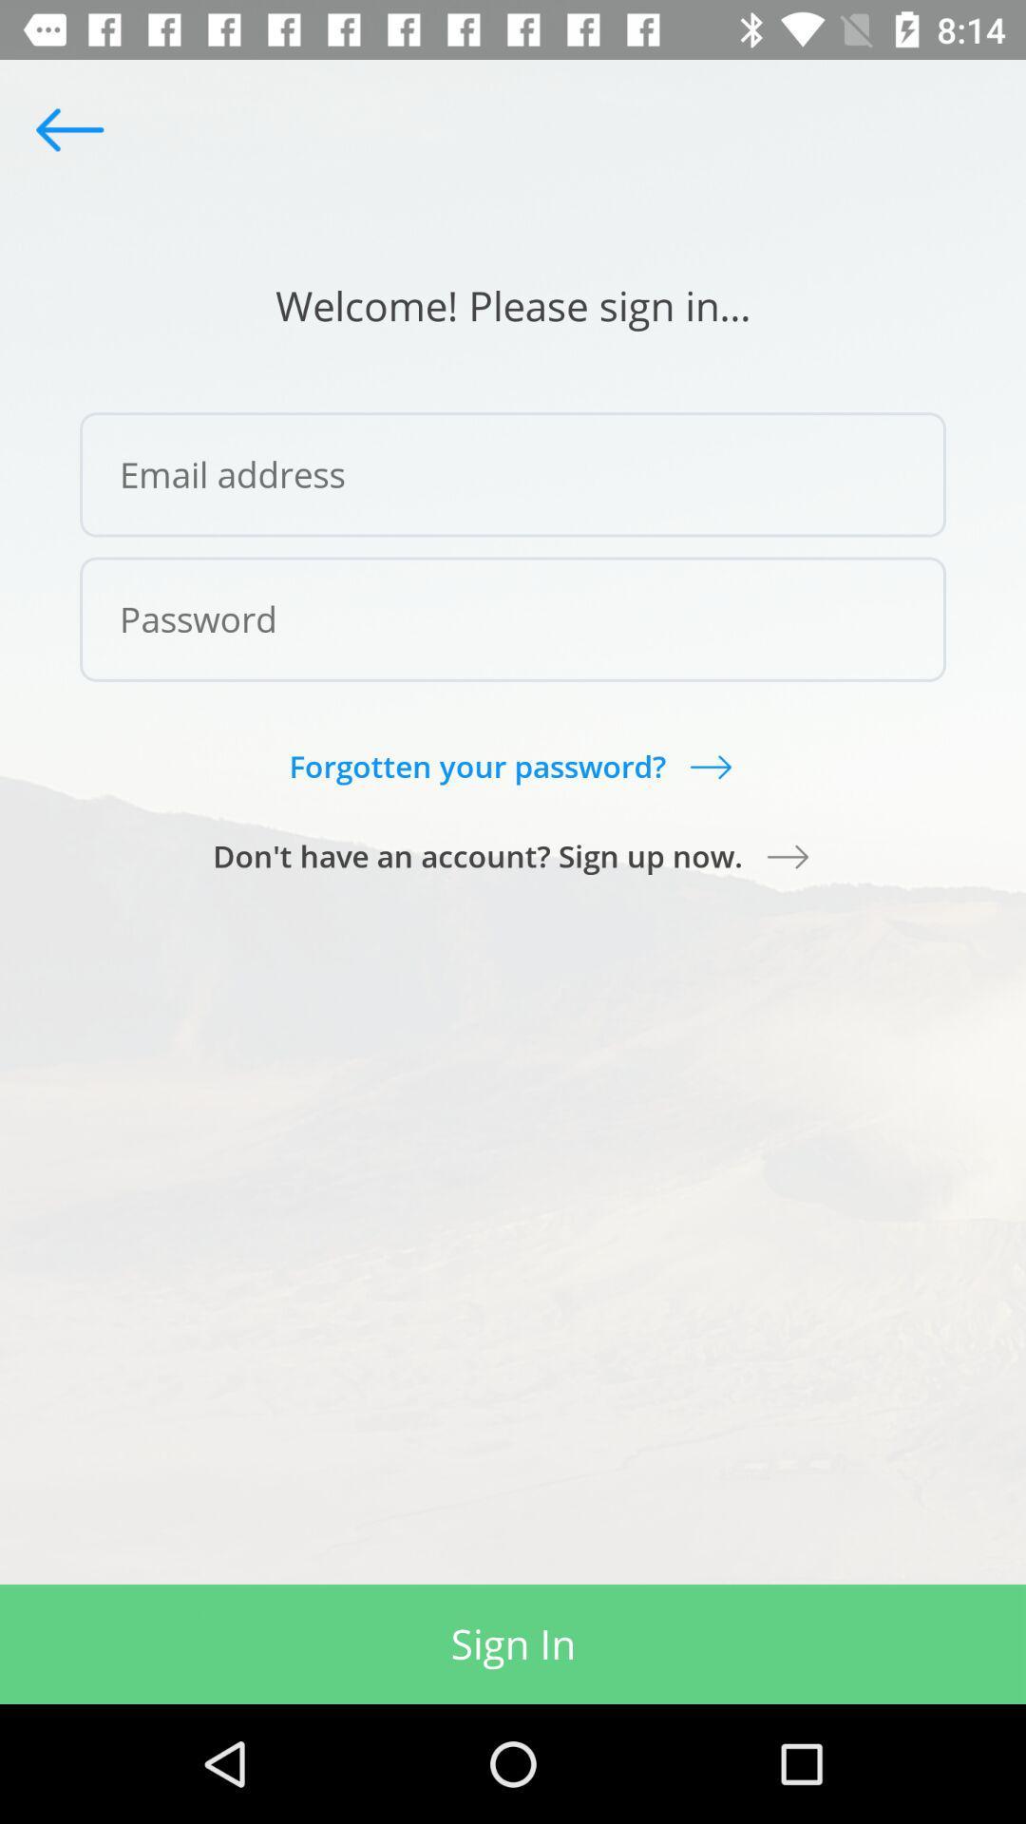 The width and height of the screenshot is (1026, 1824). What do you see at coordinates (513, 619) in the screenshot?
I see `password` at bounding box center [513, 619].